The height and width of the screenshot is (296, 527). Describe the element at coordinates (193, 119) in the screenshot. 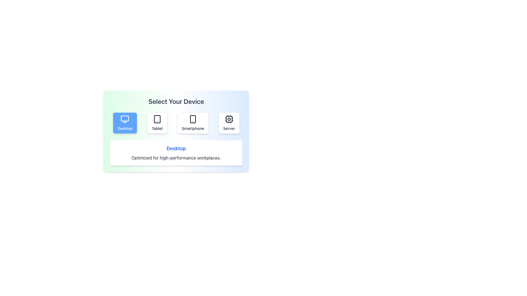

I see `the main body of the smartphone icon, which is a rounded rectangle with no visible content or styling, located centrally among other device options` at that location.